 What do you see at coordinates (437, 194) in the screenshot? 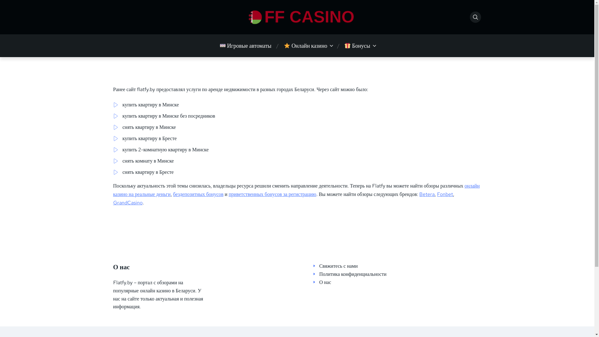
I see `'Fonbet'` at bounding box center [437, 194].